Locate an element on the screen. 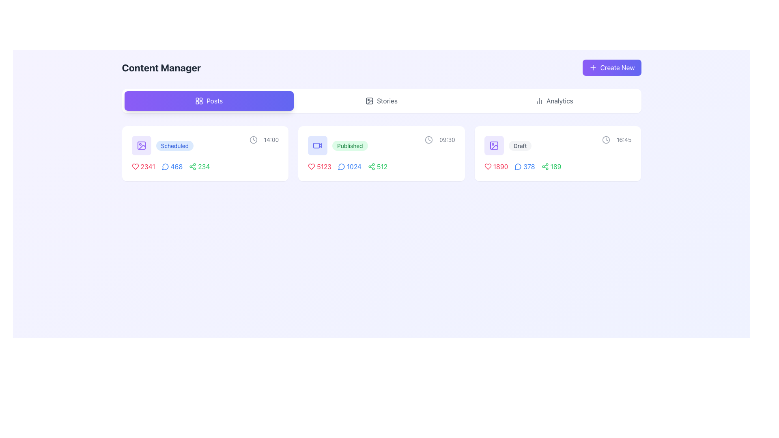  the informational display element featuring a clock icon and the text '09:30', located under the 'Published' section as the last item in the horizontal arrangement is located at coordinates (439, 139).